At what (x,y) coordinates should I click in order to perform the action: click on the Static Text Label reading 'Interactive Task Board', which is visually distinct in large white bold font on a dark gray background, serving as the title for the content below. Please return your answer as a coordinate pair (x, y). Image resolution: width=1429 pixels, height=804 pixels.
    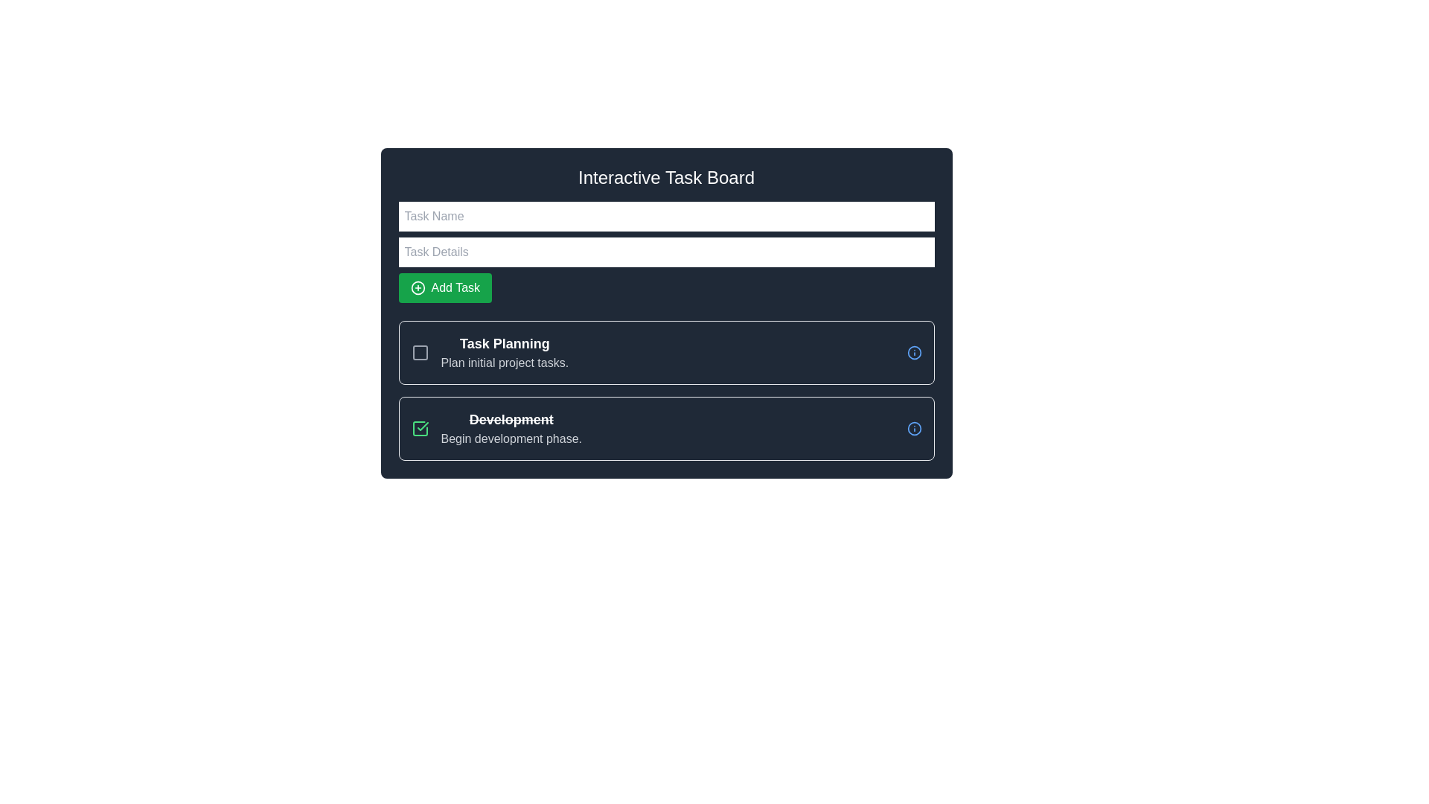
    Looking at the image, I should click on (665, 177).